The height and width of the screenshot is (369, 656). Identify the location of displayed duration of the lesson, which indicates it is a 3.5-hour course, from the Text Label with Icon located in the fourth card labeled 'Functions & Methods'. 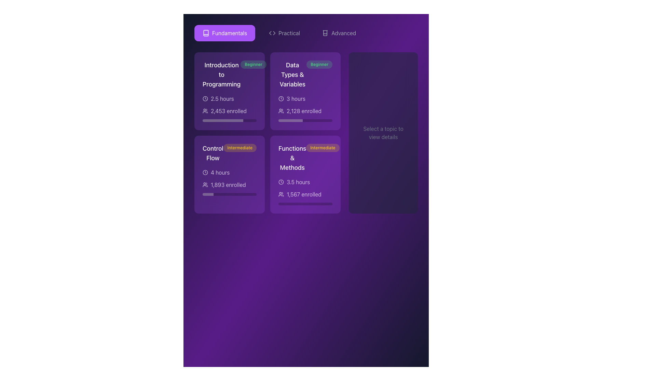
(305, 181).